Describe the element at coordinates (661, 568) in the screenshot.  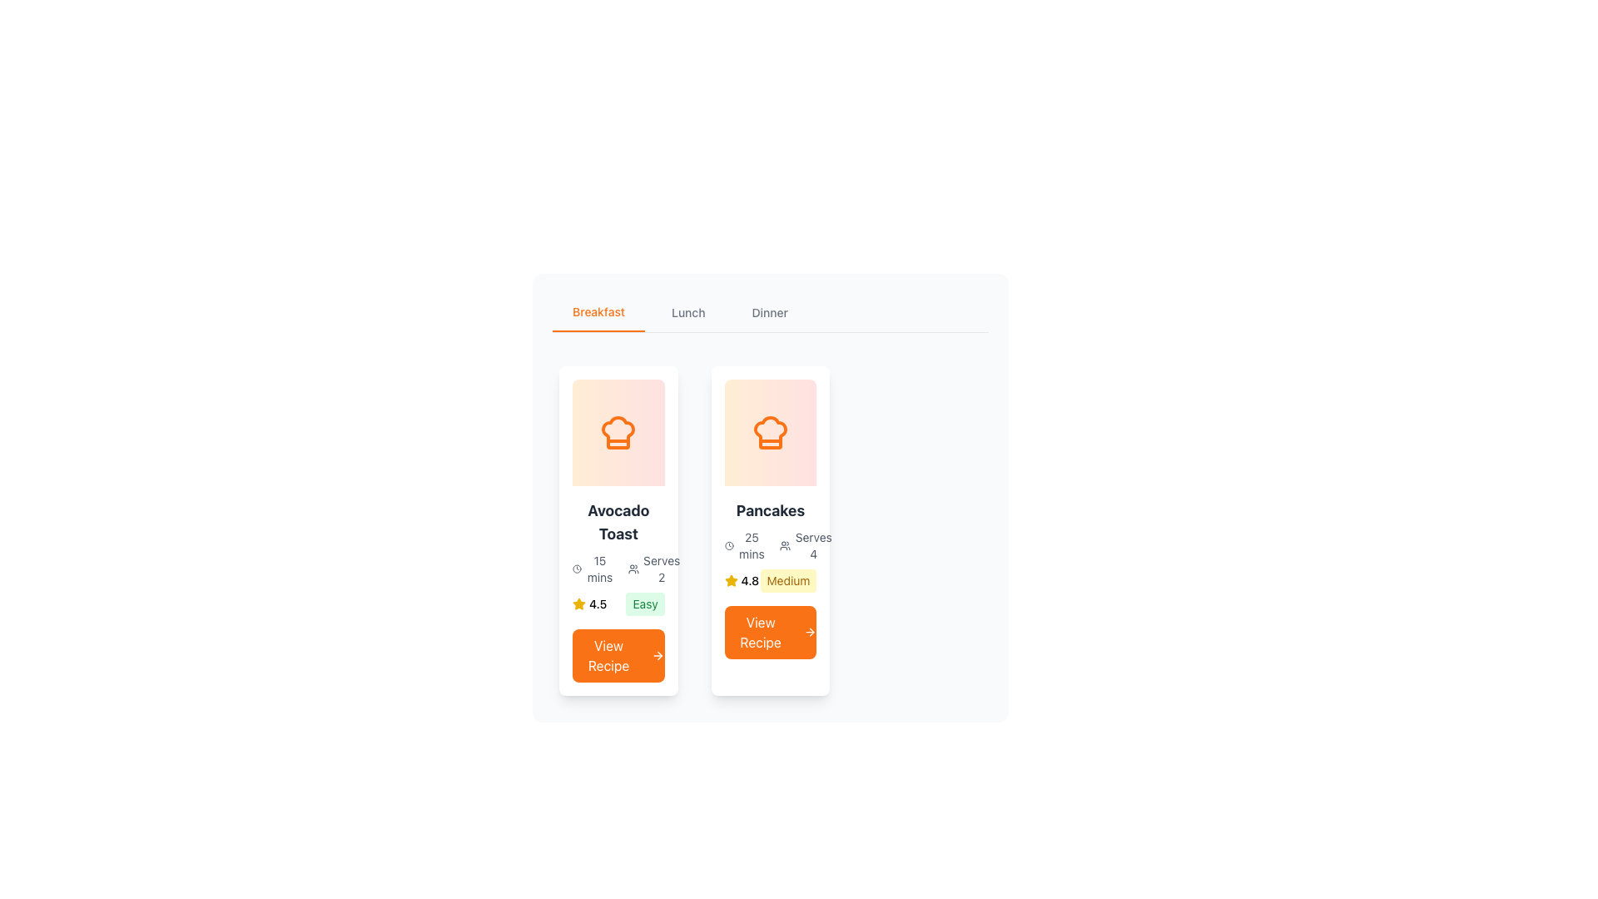
I see `the 'Serves 2' text label styled in small gray font, which is part of the 'Avocado Toast' recipe card and located towards the right side adjacent to preparation time` at that location.